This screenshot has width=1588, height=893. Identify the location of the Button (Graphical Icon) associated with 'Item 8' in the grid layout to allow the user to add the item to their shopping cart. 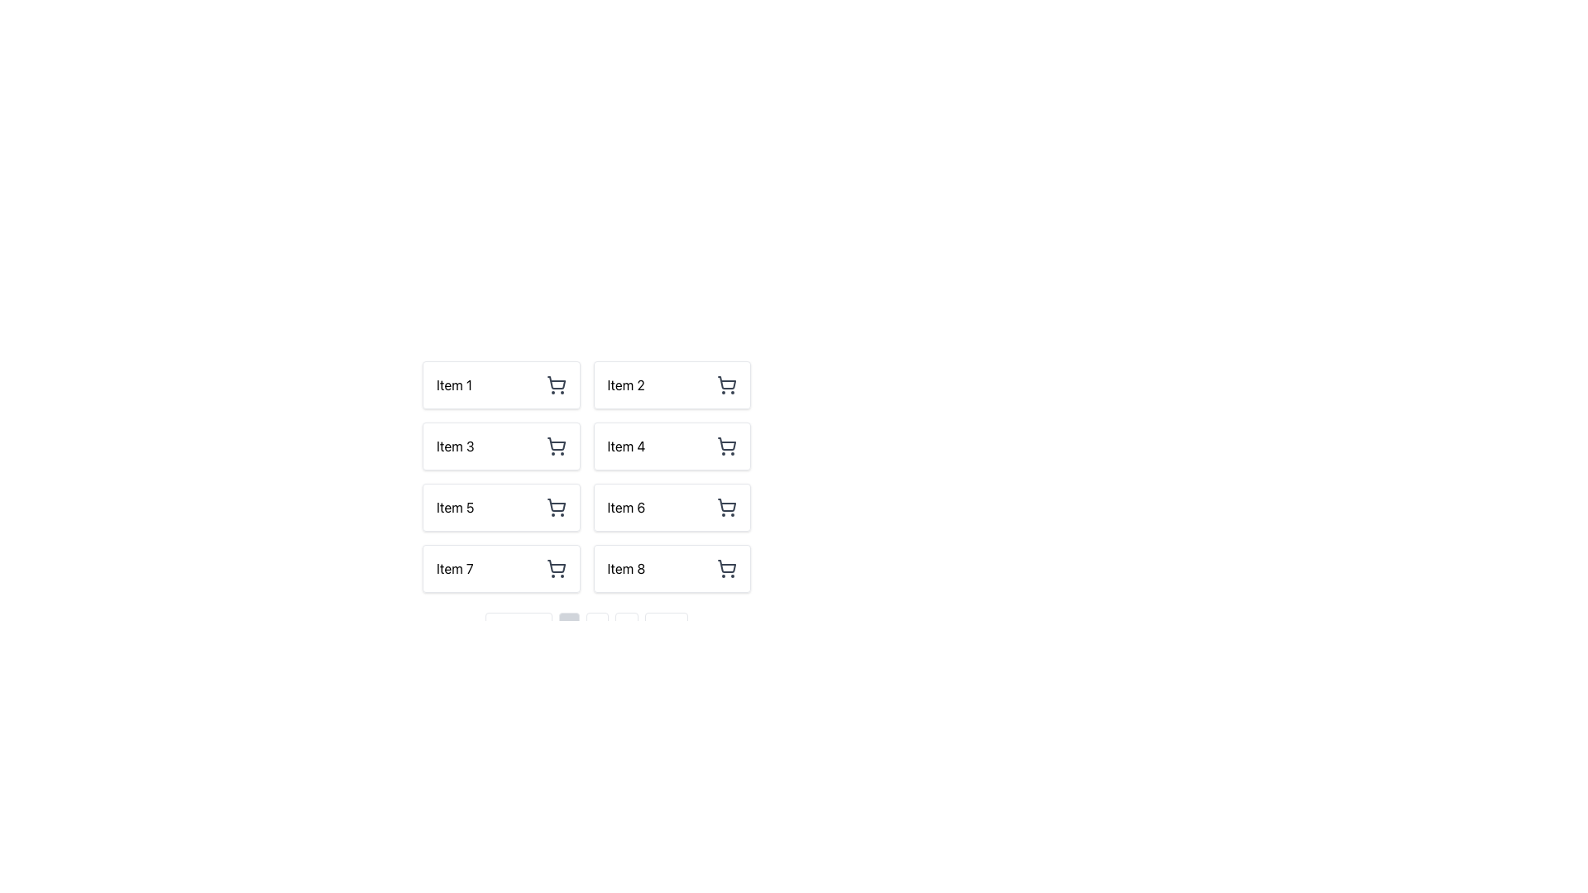
(726, 567).